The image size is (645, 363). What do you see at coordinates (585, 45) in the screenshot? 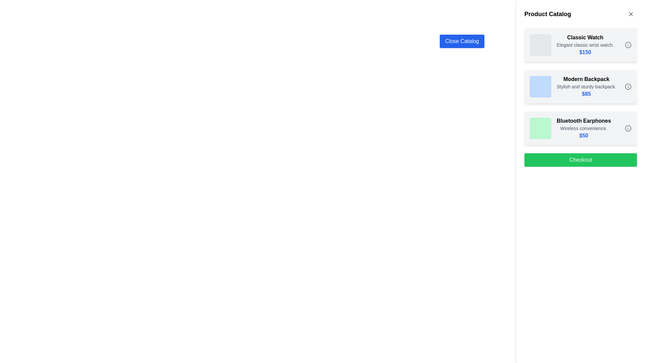
I see `text from the Text block displaying 'Classic Watch' with the description 'Elegant classic wrist watch.' and the price '$150' in bold blue text, located in the first product card of the sidebar layout` at bounding box center [585, 45].